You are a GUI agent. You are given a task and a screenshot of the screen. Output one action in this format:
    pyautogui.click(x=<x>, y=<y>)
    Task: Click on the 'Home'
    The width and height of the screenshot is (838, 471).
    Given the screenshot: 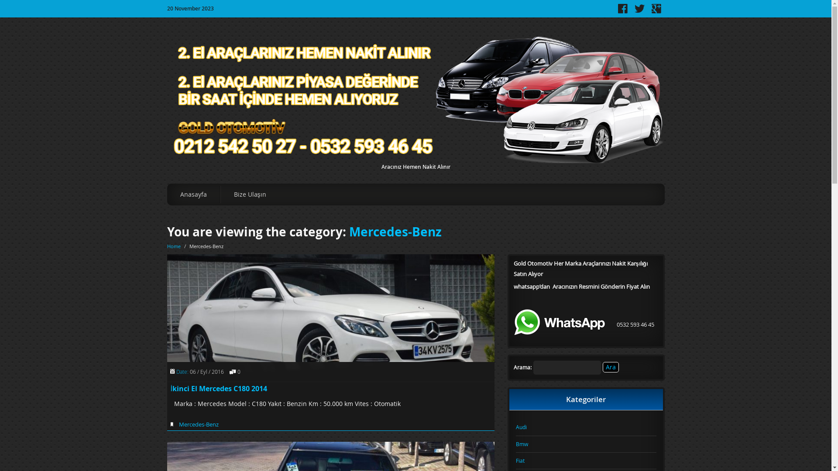 What is the action you would take?
    pyautogui.click(x=173, y=246)
    